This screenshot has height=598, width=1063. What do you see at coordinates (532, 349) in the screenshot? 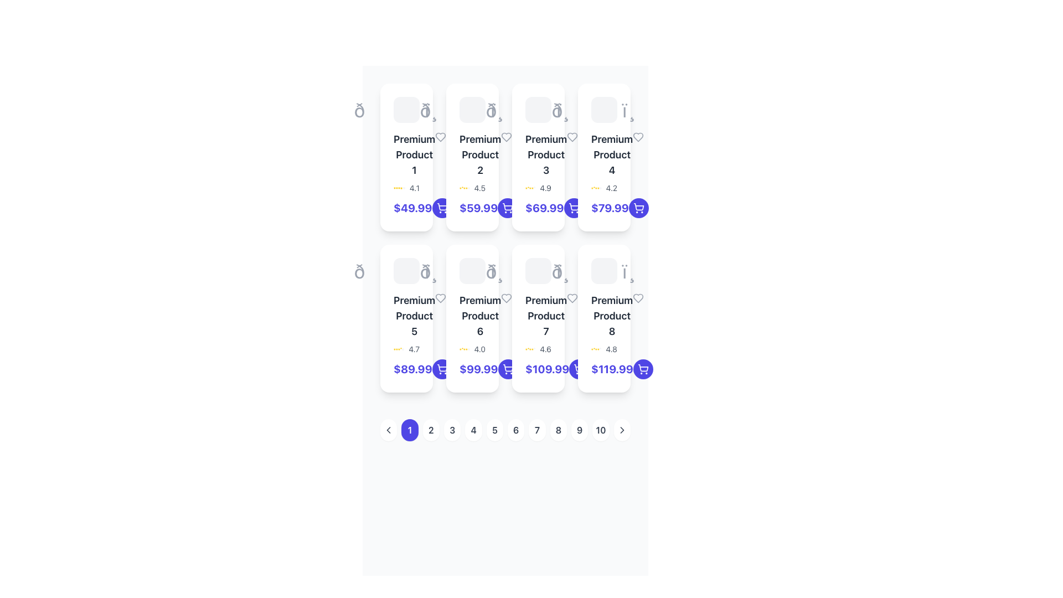
I see `the fifth star icon in the star rating component for 'Premium Product 7', which is a bright yellow filled star positioned horizontally with other stars` at bounding box center [532, 349].